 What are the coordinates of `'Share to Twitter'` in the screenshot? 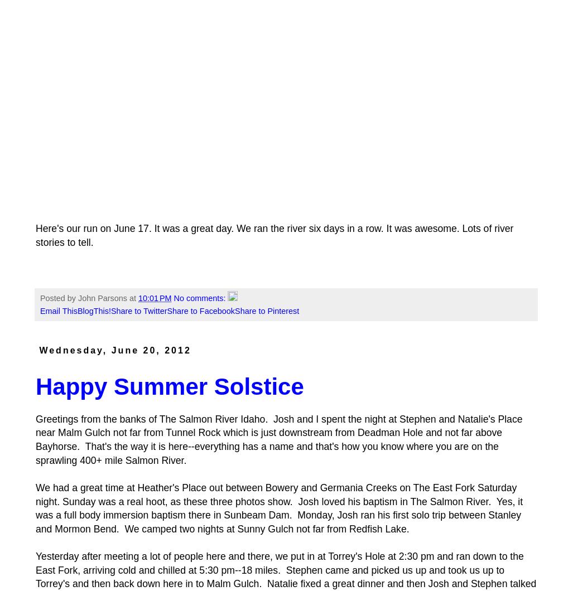 It's located at (110, 311).